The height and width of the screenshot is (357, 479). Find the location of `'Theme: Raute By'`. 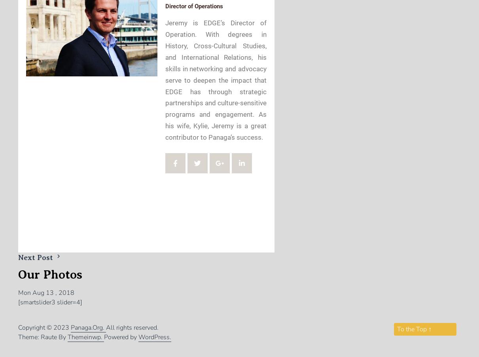

'Theme: Raute By' is located at coordinates (43, 337).